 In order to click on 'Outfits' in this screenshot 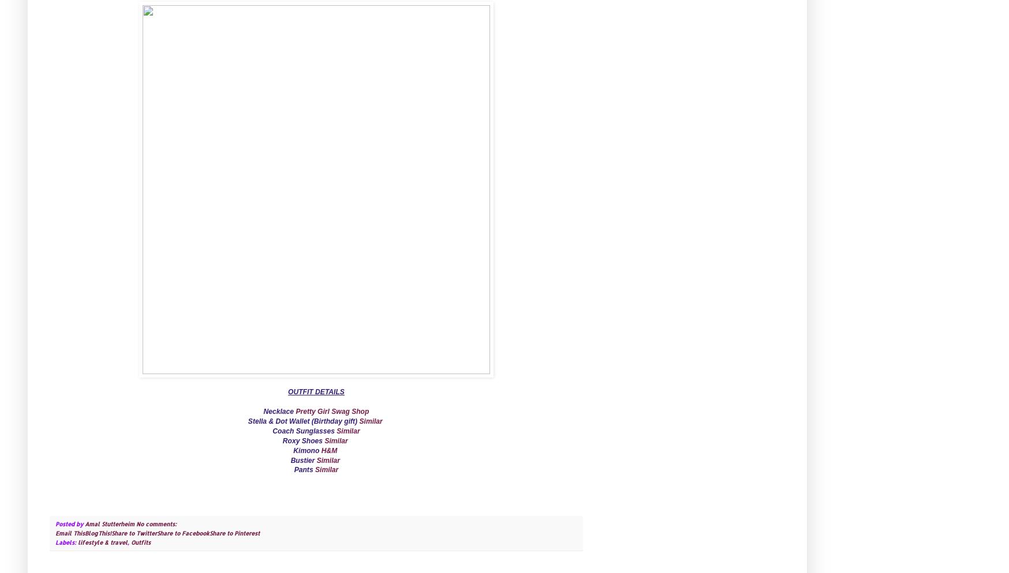, I will do `click(141, 542)`.